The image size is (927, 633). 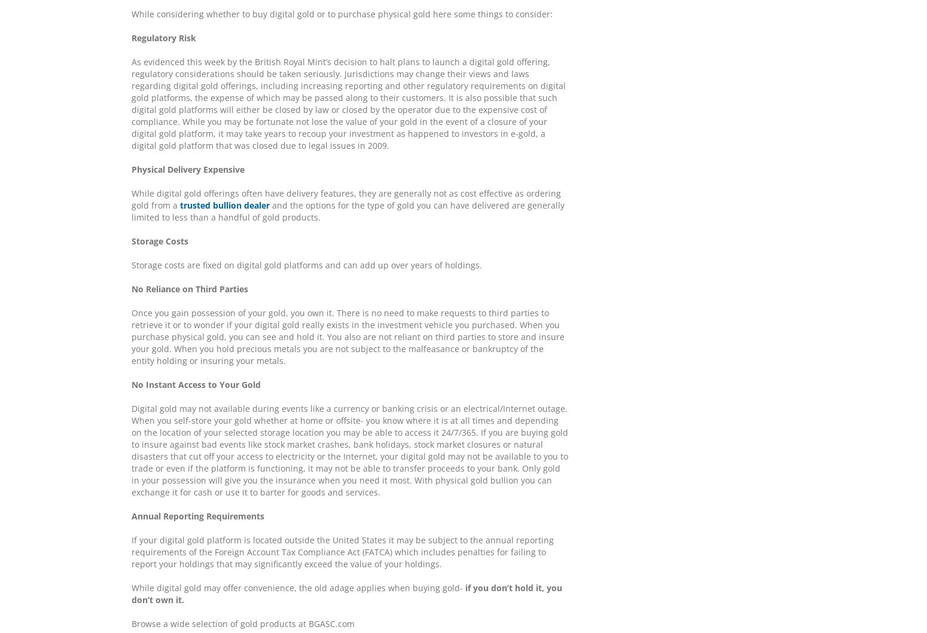 I want to click on 'Physical Delivery Expensive', so click(x=130, y=169).